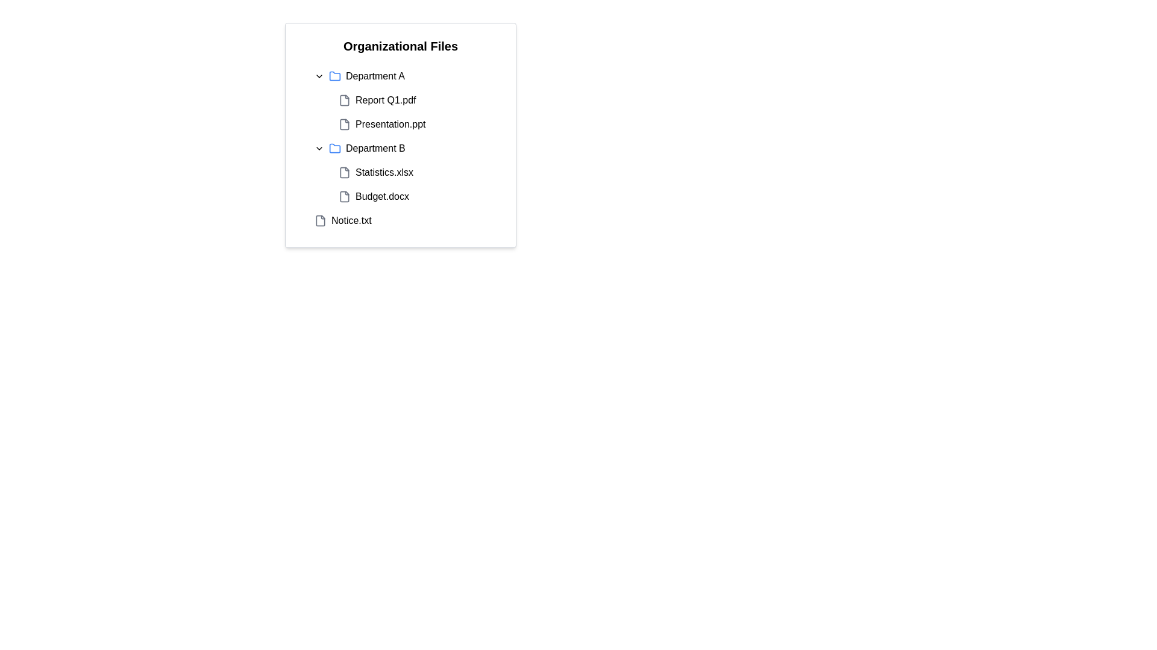 The height and width of the screenshot is (650, 1157). Describe the element at coordinates (375, 172) in the screenshot. I see `the first file item labeled 'Statistics.xlsx' under the 'Department B' subgroup` at that location.